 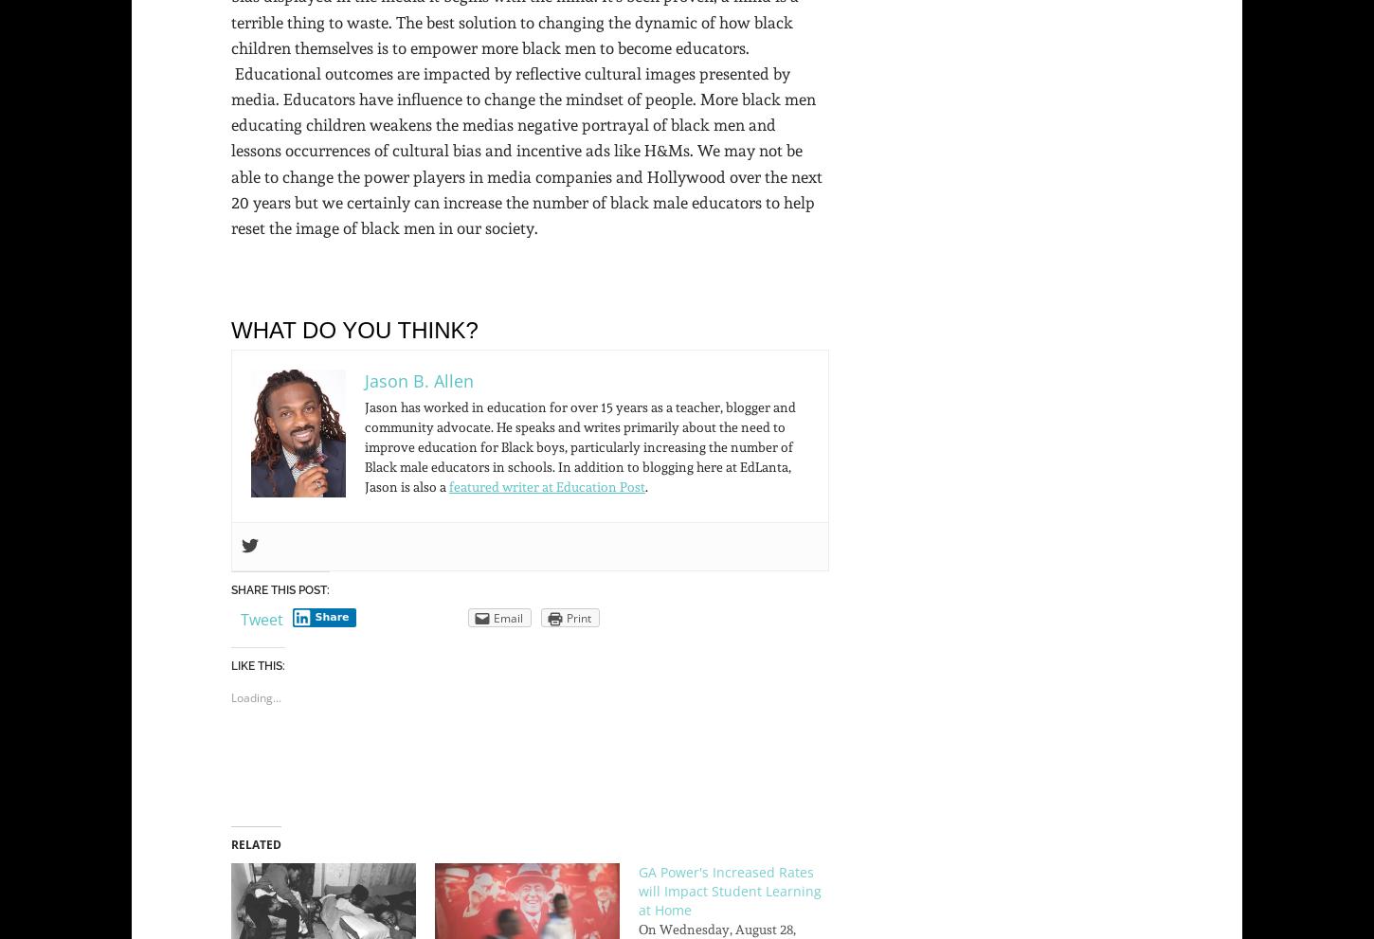 What do you see at coordinates (547, 486) in the screenshot?
I see `'featured writer at Education Post'` at bounding box center [547, 486].